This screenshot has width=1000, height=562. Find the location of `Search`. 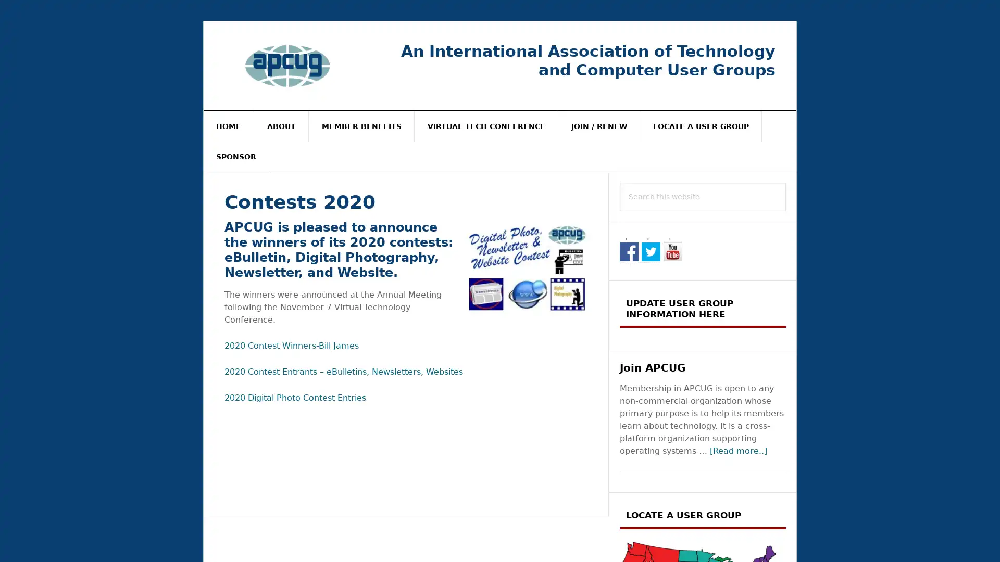

Search is located at coordinates (786, 182).